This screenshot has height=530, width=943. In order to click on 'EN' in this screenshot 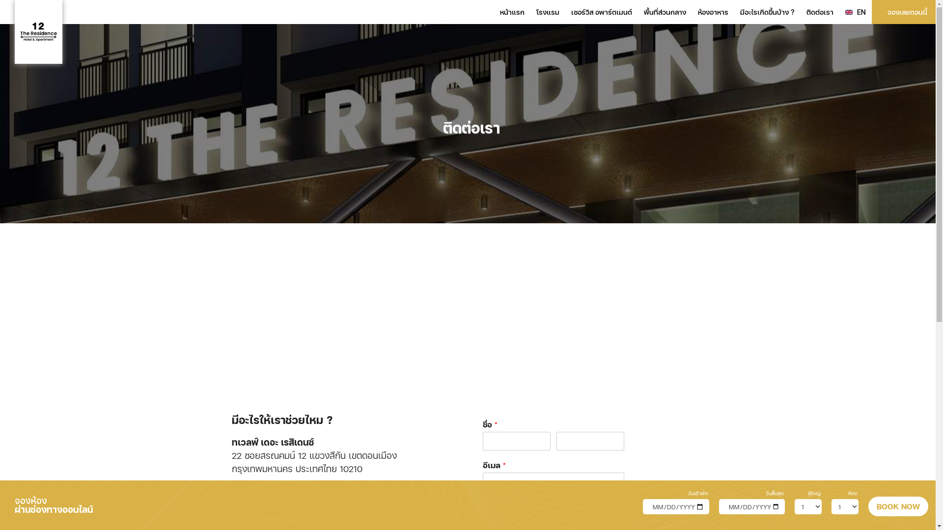, I will do `click(855, 12)`.